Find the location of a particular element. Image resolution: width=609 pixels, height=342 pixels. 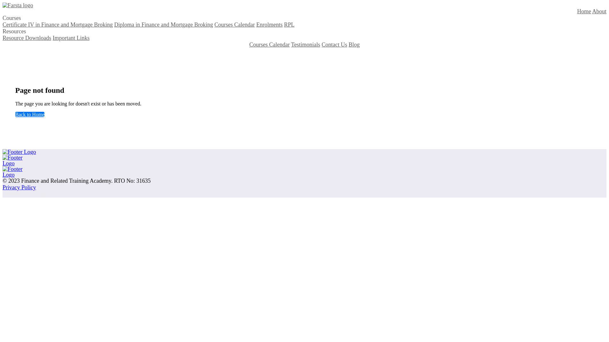

'Resource Downloads' is located at coordinates (3, 38).